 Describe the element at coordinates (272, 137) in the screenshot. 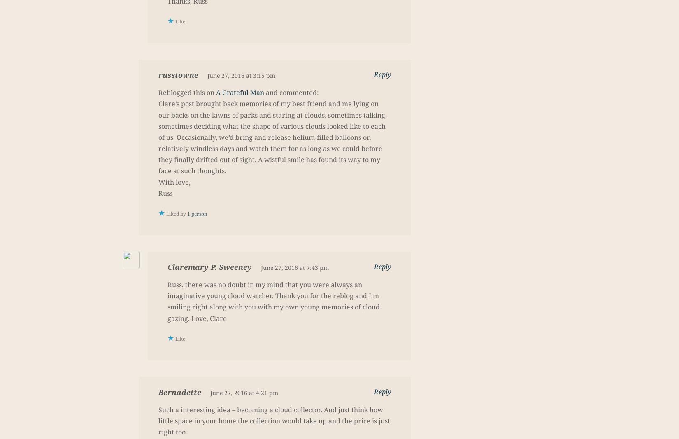

I see `'Clare’s post brought back memories of my best friend and me lying on our backs on the lawns of parks and staring at clouds, sometimes talking, sometimes deciding what the shape of various clouds looked like to each of us. Occasionally, we’d bring and release helium-filled balloons on relatively windless days and watch them for as long as we could before they finally drifted out of sight. A wistful smile has found its way to my face at such thoughts.'` at that location.